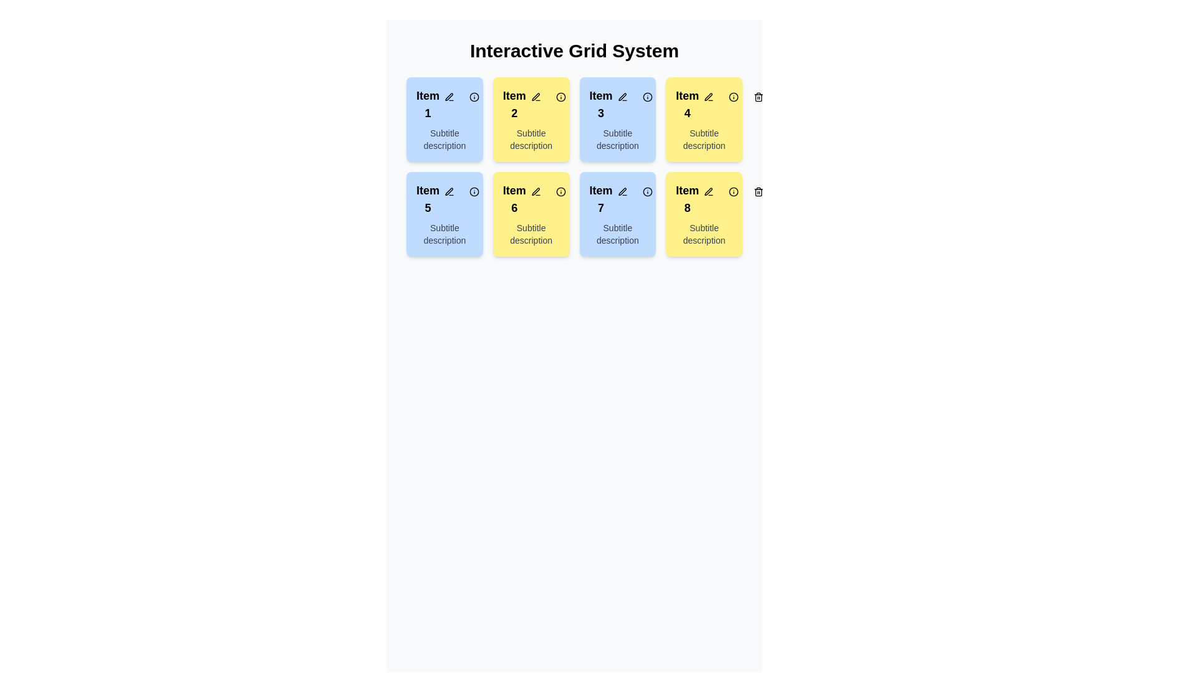  Describe the element at coordinates (514, 199) in the screenshot. I see `the text label that identifies or describes the content of the card for 'Item 6', located in the yellow card in the second row and second column of a 4x2 grid layout` at that location.